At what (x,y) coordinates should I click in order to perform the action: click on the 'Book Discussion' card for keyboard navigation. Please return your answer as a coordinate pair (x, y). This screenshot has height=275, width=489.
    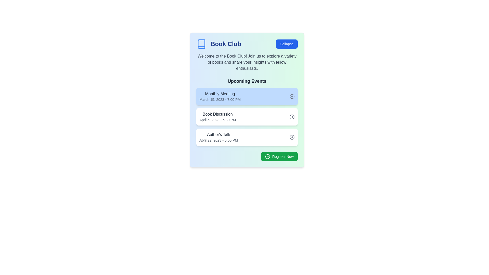
    Looking at the image, I should click on (247, 117).